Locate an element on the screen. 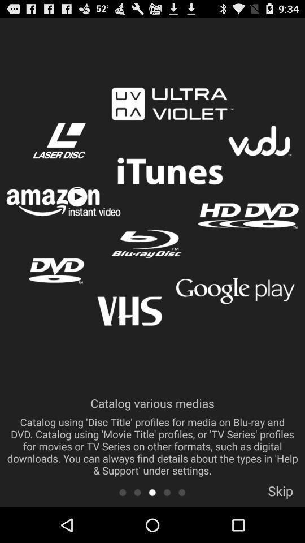 This screenshot has height=543, width=305. the icon below the catalog various medias icon is located at coordinates (182, 492).